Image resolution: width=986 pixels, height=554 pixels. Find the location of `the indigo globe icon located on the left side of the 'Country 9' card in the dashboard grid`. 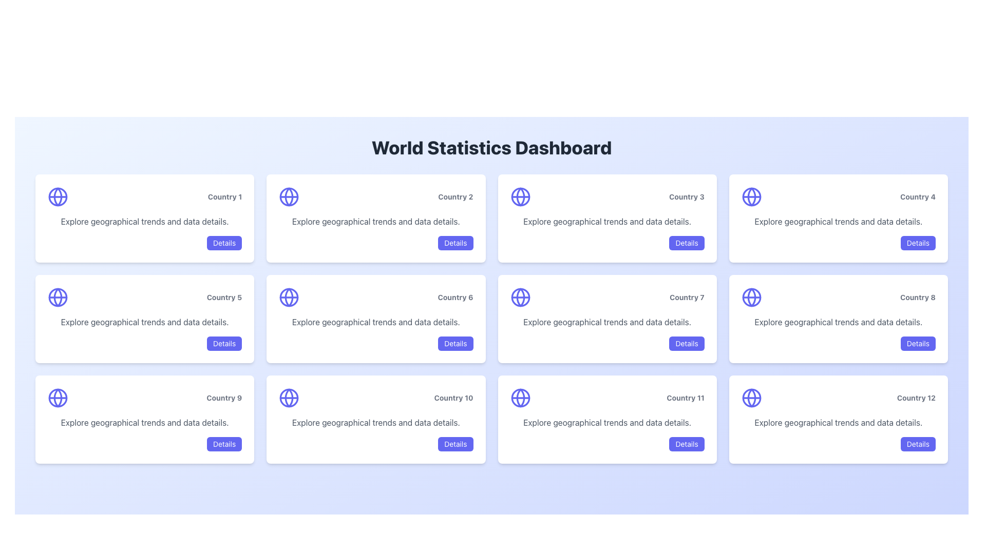

the indigo globe icon located on the left side of the 'Country 9' card in the dashboard grid is located at coordinates (58, 397).